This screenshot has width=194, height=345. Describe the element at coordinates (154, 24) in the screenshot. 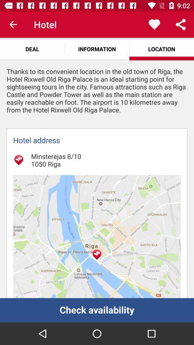

I see `the app above the location app` at that location.